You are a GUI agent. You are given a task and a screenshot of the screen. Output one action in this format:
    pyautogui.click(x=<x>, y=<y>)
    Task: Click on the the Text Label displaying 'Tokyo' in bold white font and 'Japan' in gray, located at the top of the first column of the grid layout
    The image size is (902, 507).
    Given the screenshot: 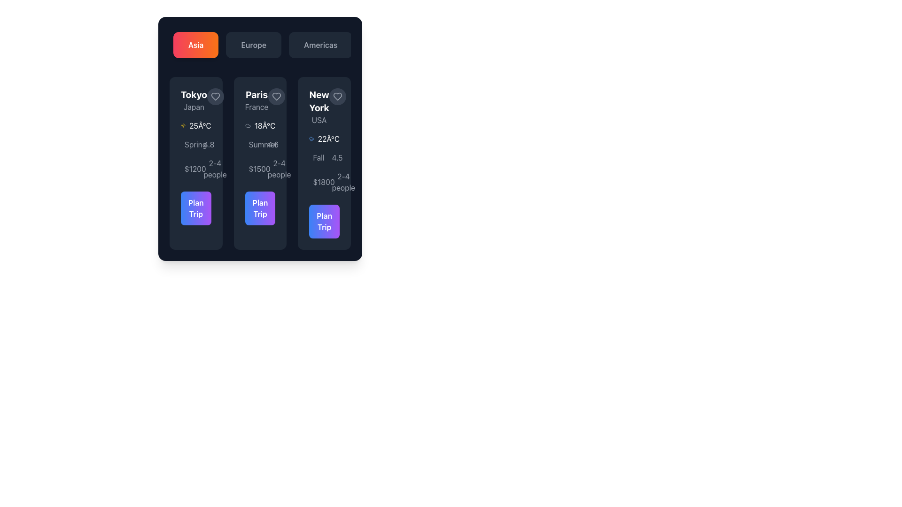 What is the action you would take?
    pyautogui.click(x=193, y=100)
    